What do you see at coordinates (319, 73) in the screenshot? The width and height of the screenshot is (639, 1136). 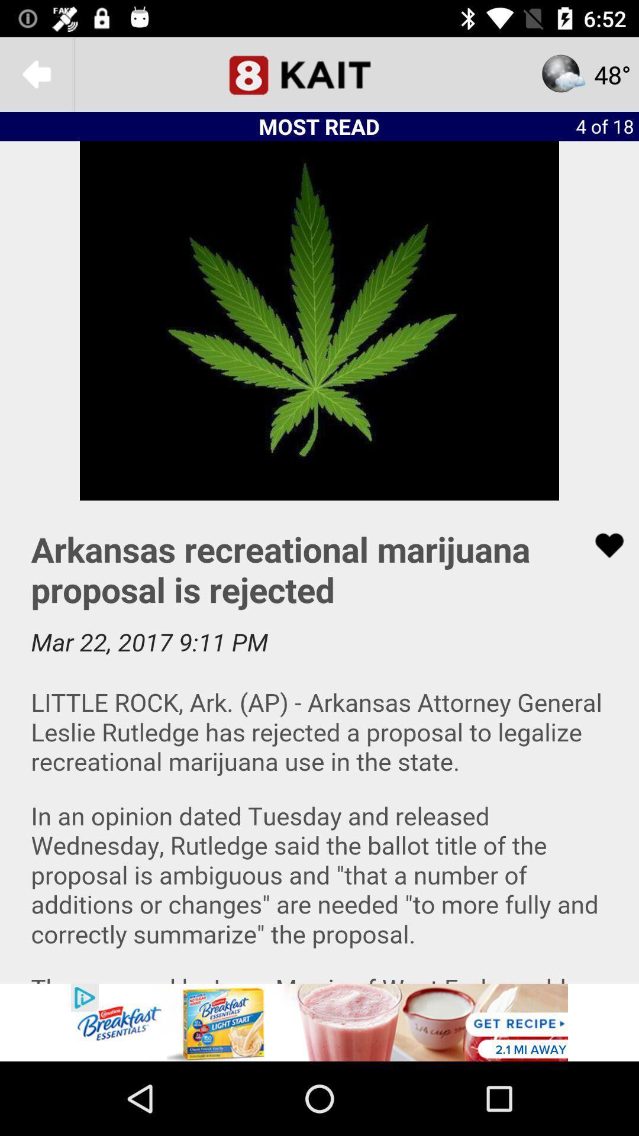 I see `taitil page` at bounding box center [319, 73].